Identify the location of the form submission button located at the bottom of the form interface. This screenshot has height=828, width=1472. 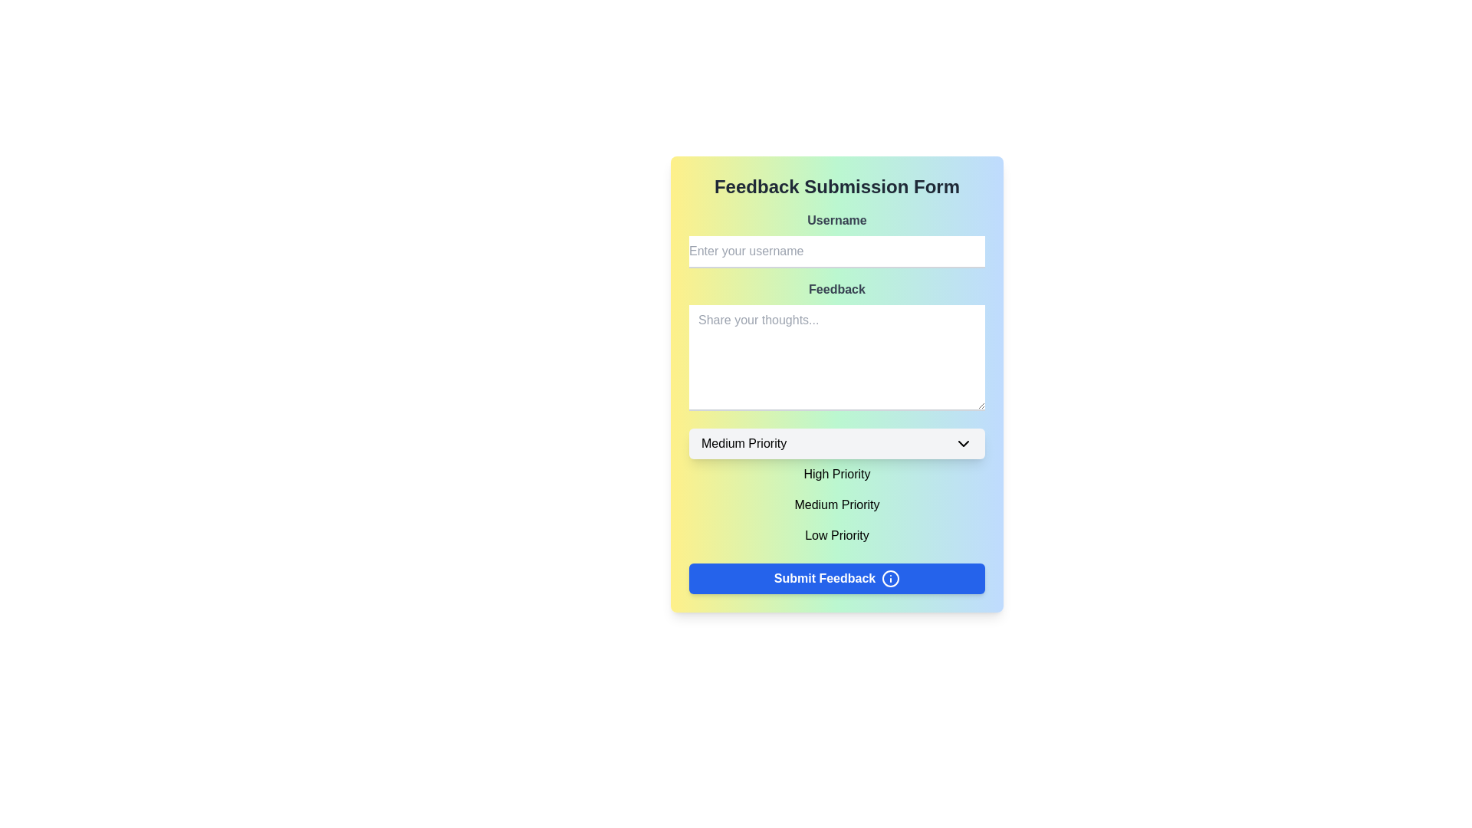
(836, 579).